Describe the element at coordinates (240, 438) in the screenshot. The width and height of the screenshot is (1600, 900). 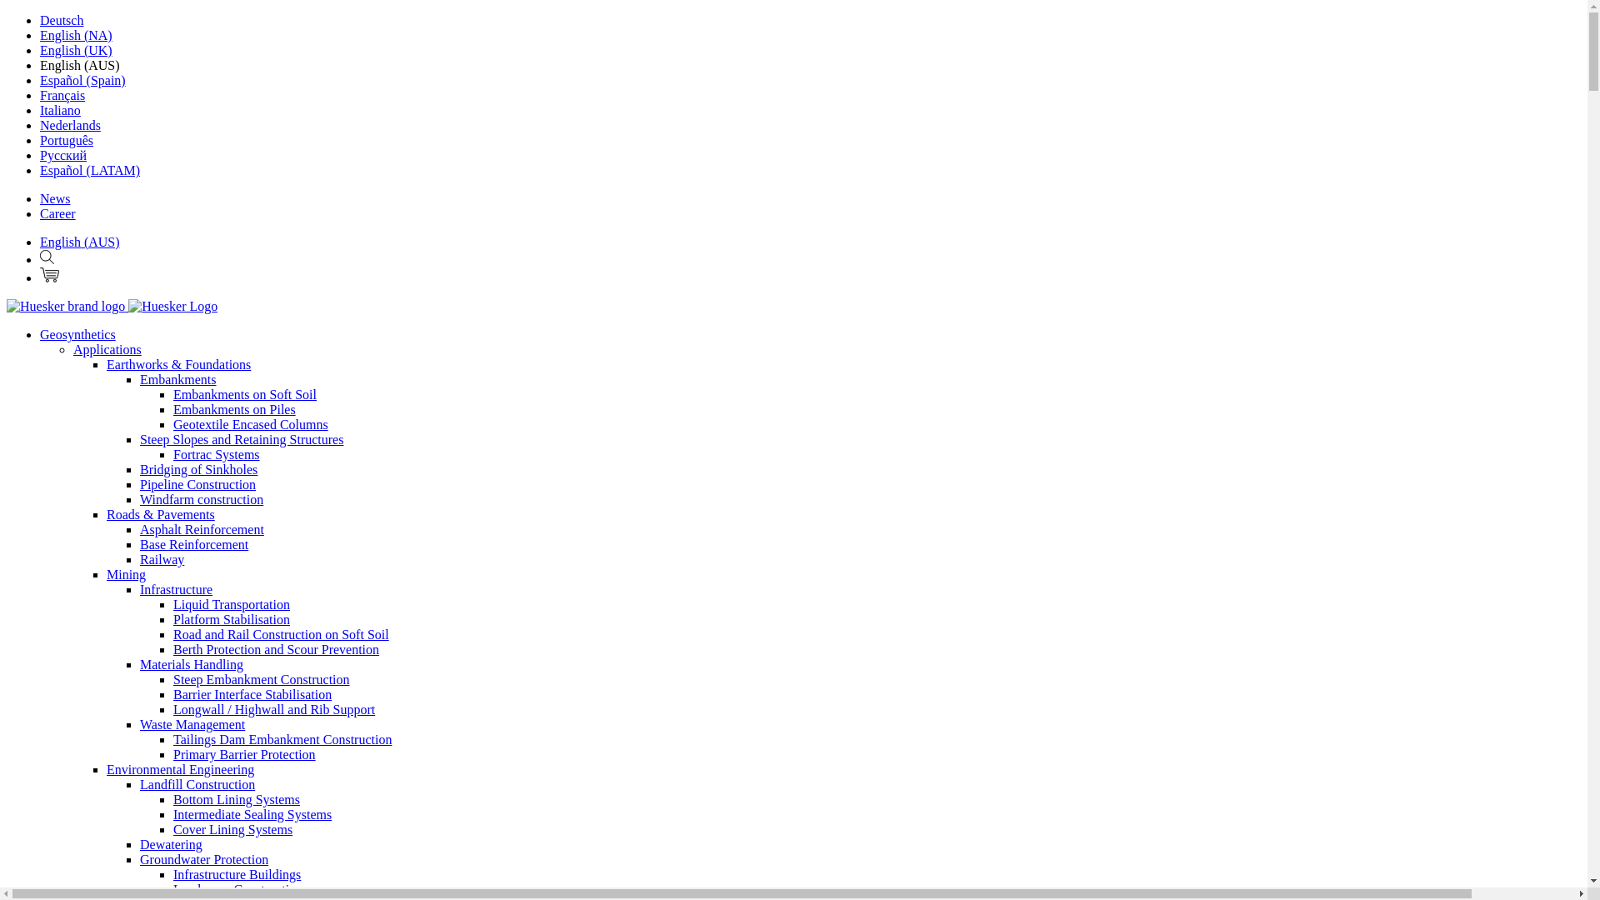
I see `'Steep Slopes and Retaining Structures'` at that location.